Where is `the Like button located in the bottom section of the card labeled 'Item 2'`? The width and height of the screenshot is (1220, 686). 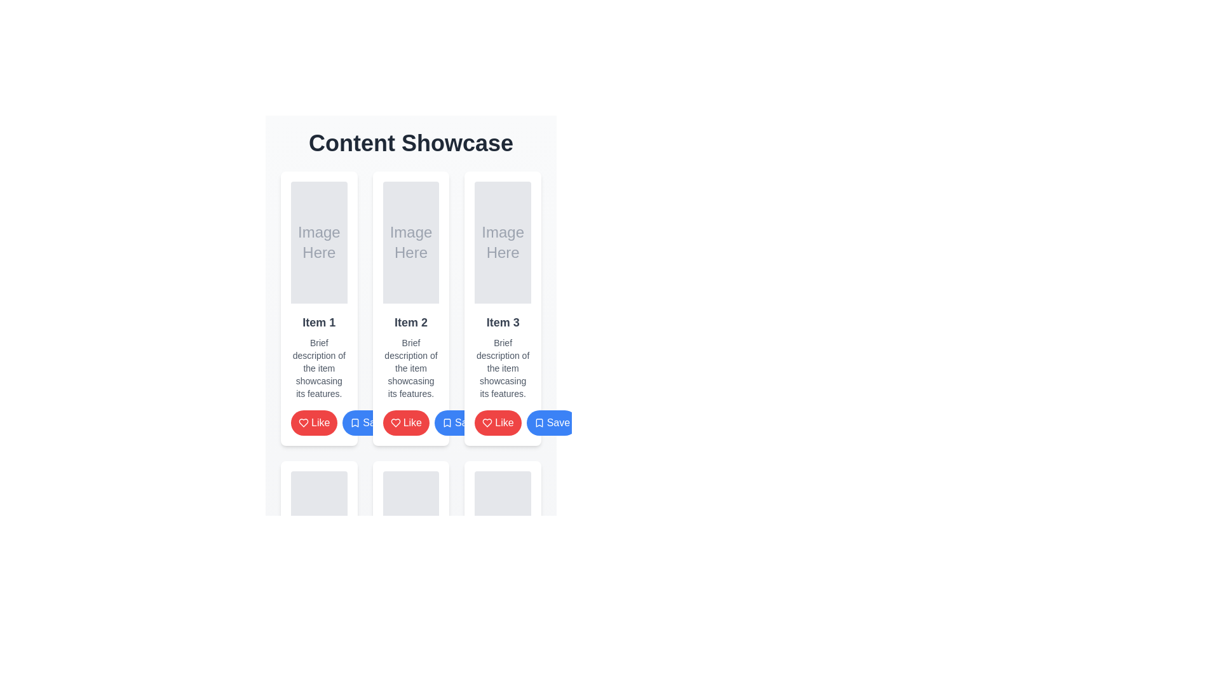 the Like button located in the bottom section of the card labeled 'Item 2' is located at coordinates (405, 423).